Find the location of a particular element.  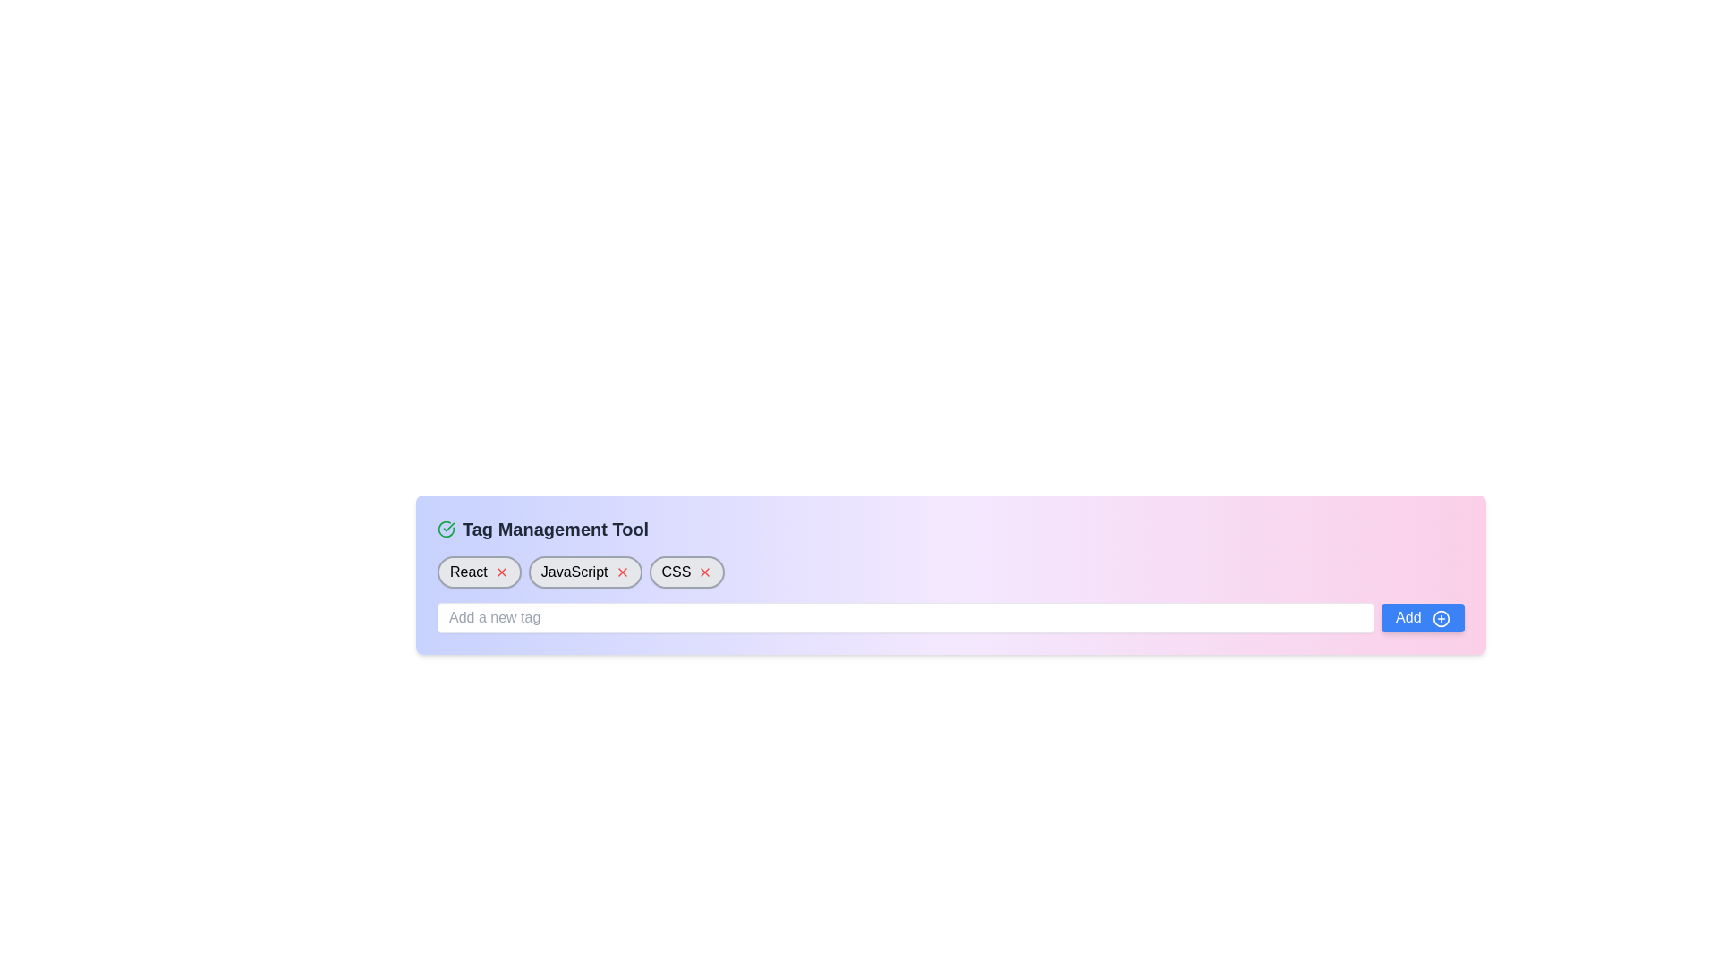

the success indicator icon located to the left of the 'Tag Management Tool' heading, which signifies a completed state is located at coordinates (447, 528).